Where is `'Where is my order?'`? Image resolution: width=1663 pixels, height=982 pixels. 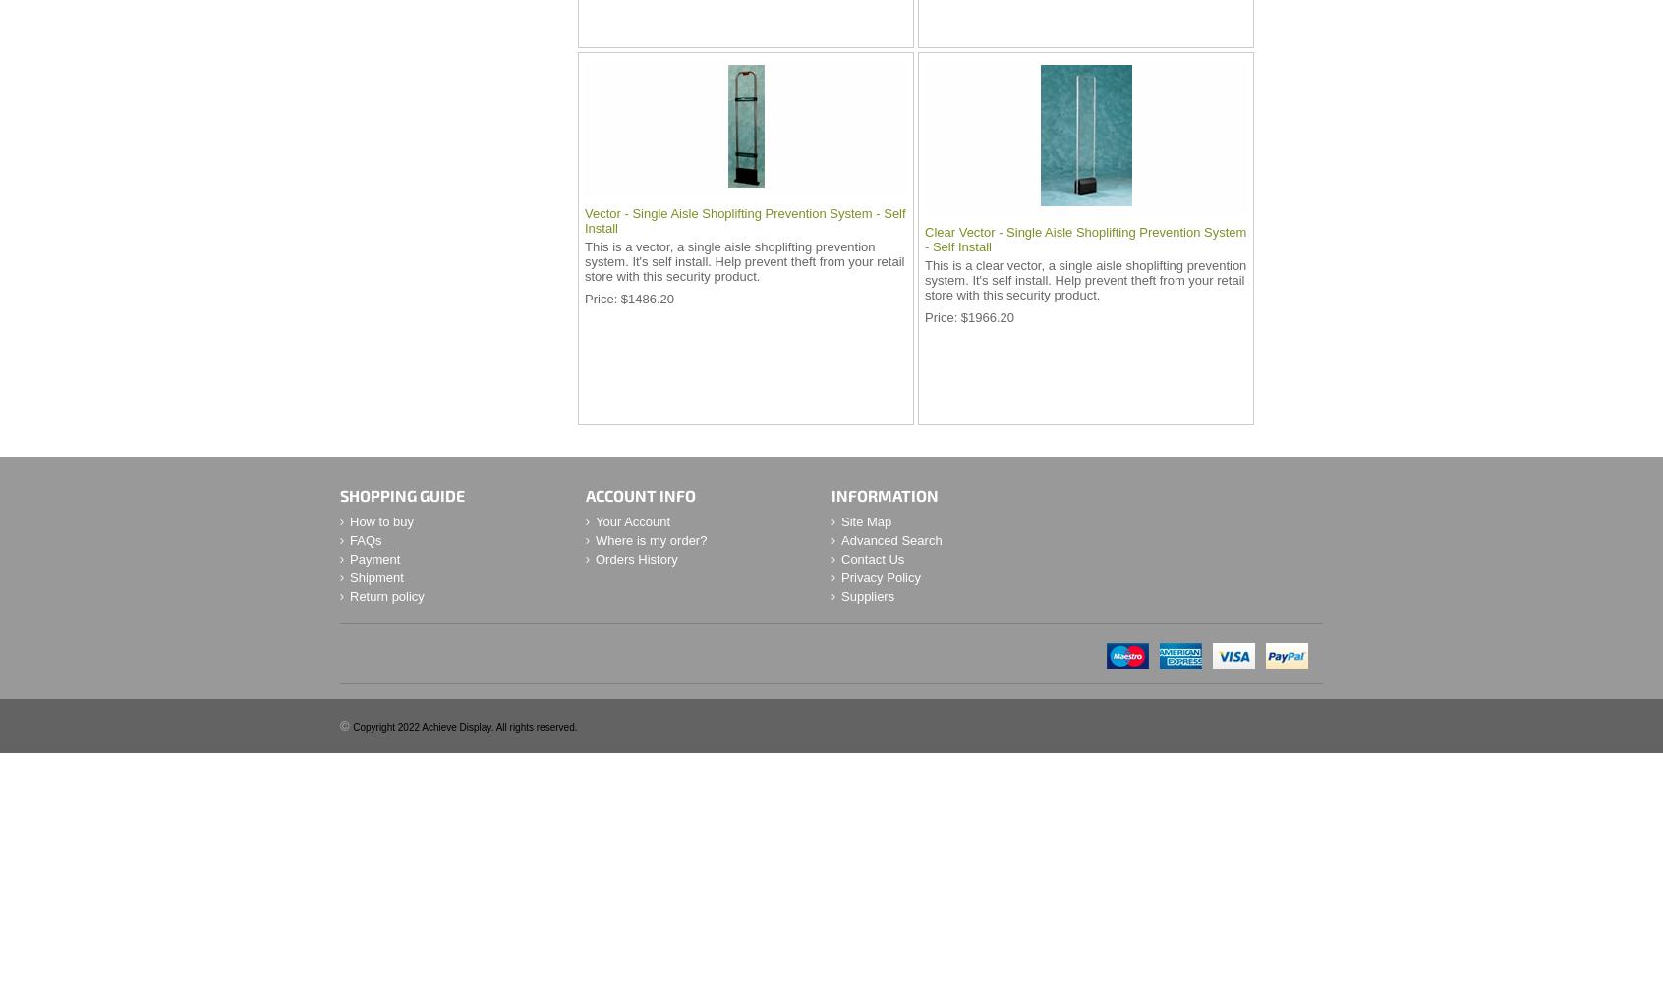 'Where is my order?' is located at coordinates (651, 540).